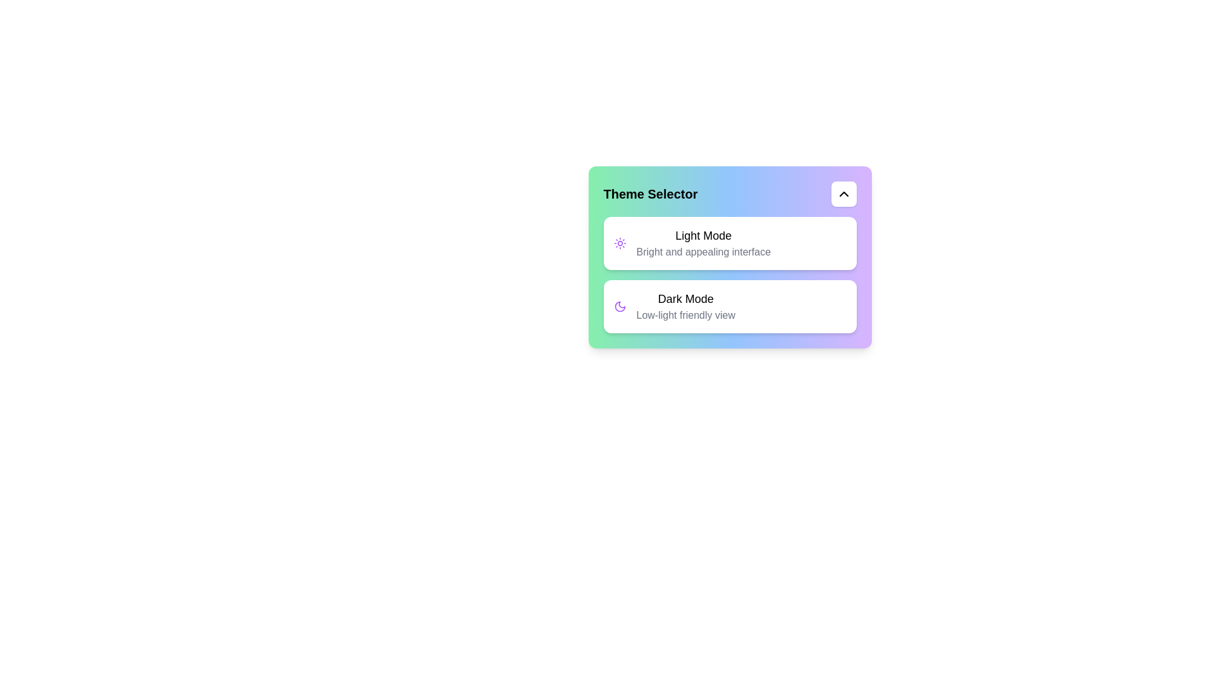  Describe the element at coordinates (730, 243) in the screenshot. I see `the 'Light Mode' option to activate the theme` at that location.